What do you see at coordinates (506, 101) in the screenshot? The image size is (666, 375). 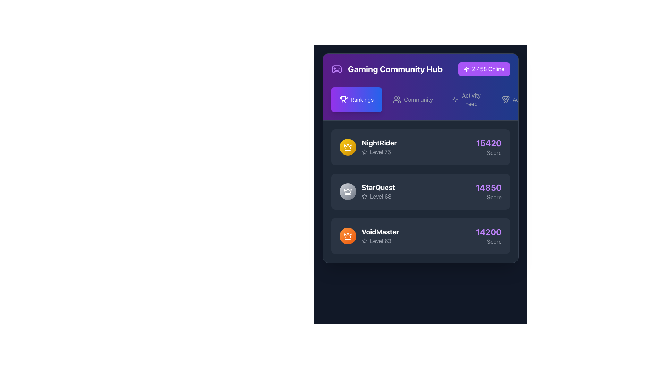 I see `the decorative circle graphical element that enhances the medal icon located in the top-right corner of the header section` at bounding box center [506, 101].